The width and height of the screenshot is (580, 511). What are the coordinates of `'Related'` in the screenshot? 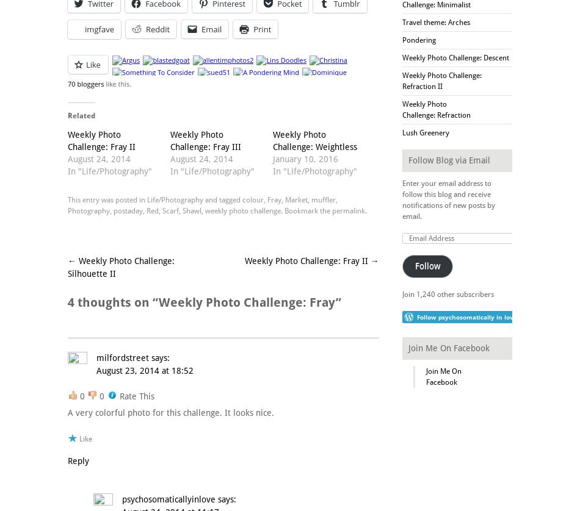 It's located at (81, 115).